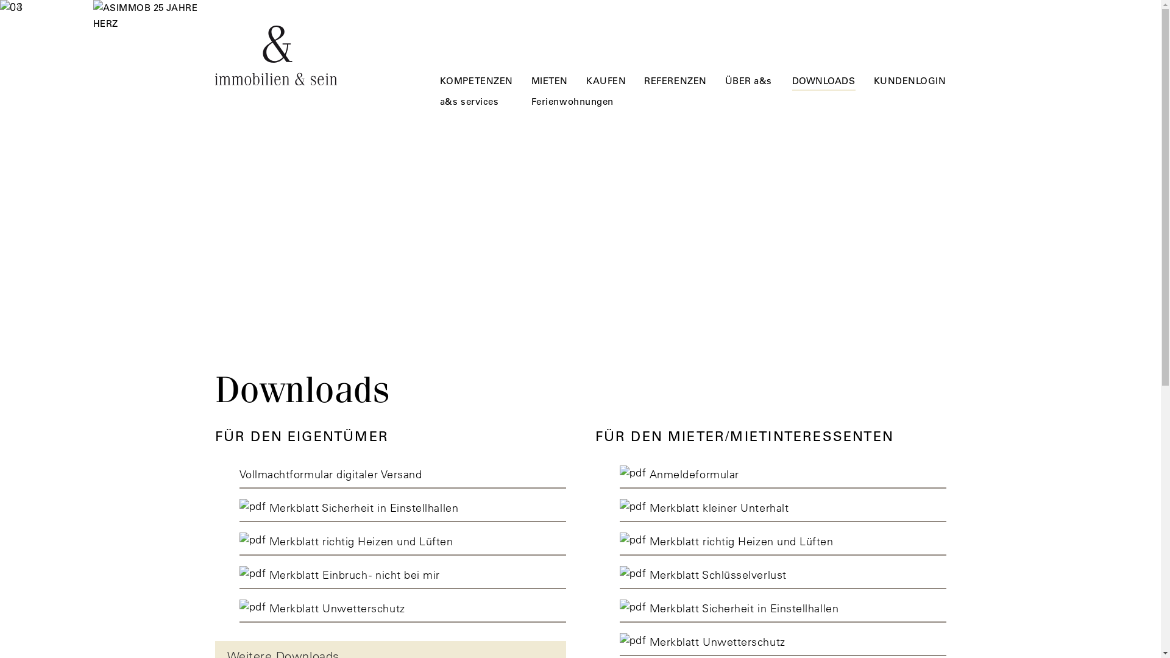 This screenshot has width=1170, height=658. What do you see at coordinates (476, 82) in the screenshot?
I see `'KOMPETENZEN'` at bounding box center [476, 82].